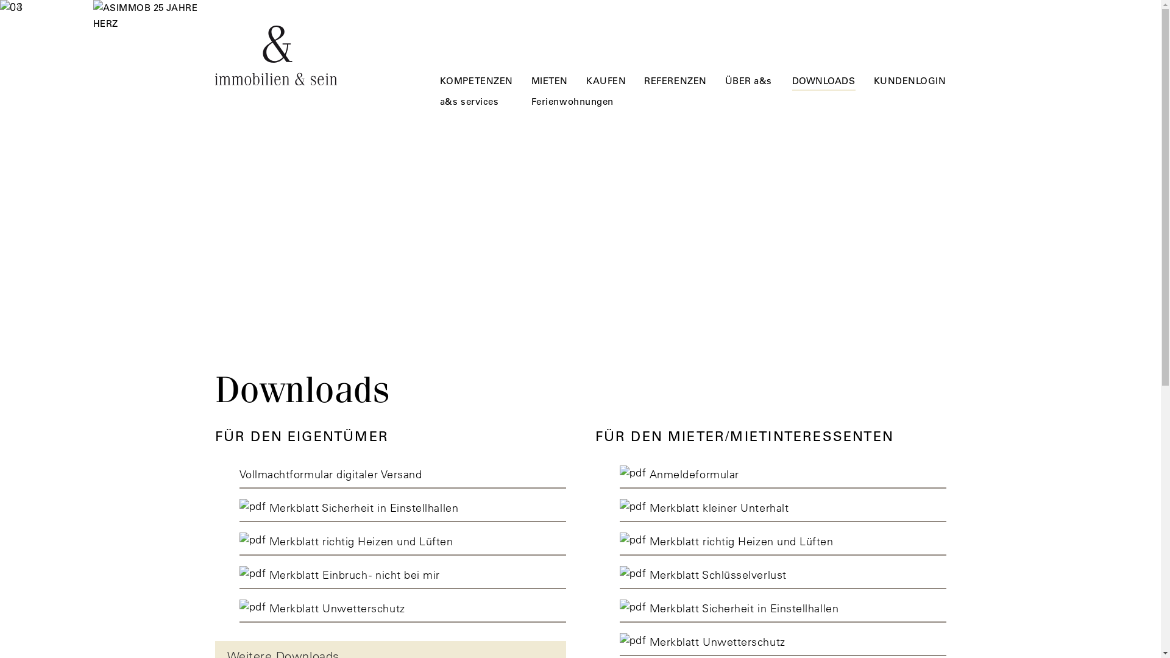 This screenshot has width=1170, height=658. What do you see at coordinates (476, 82) in the screenshot?
I see `'KOMPETENZEN'` at bounding box center [476, 82].